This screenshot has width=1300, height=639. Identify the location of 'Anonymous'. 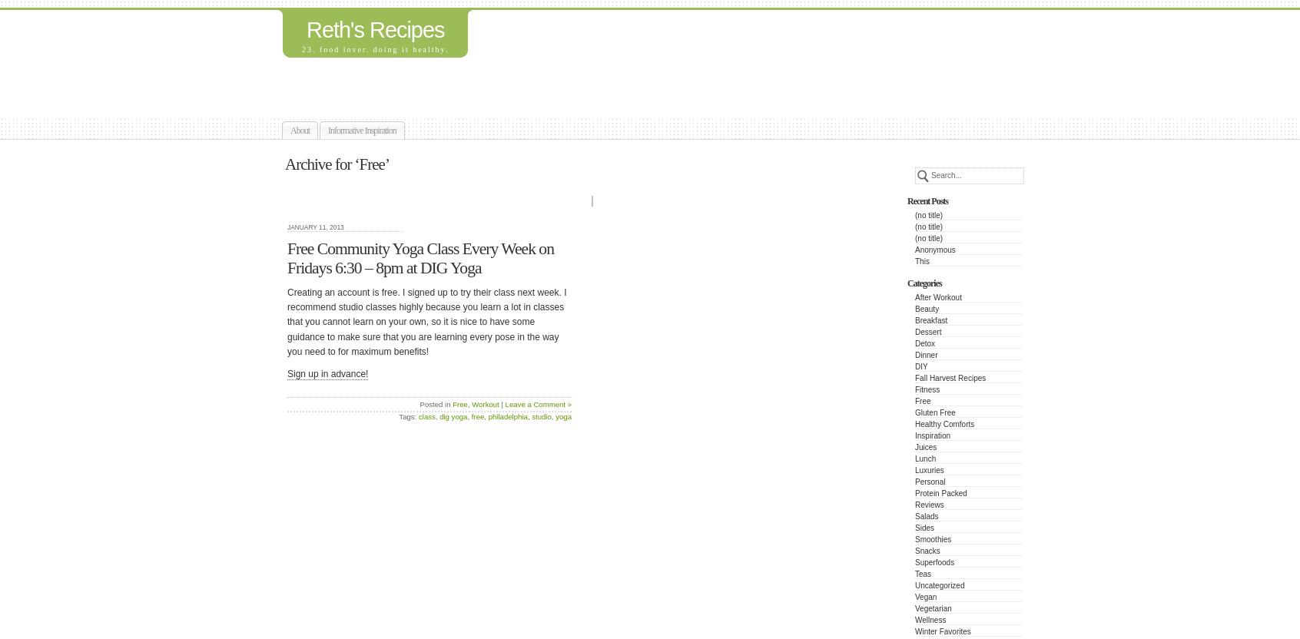
(935, 250).